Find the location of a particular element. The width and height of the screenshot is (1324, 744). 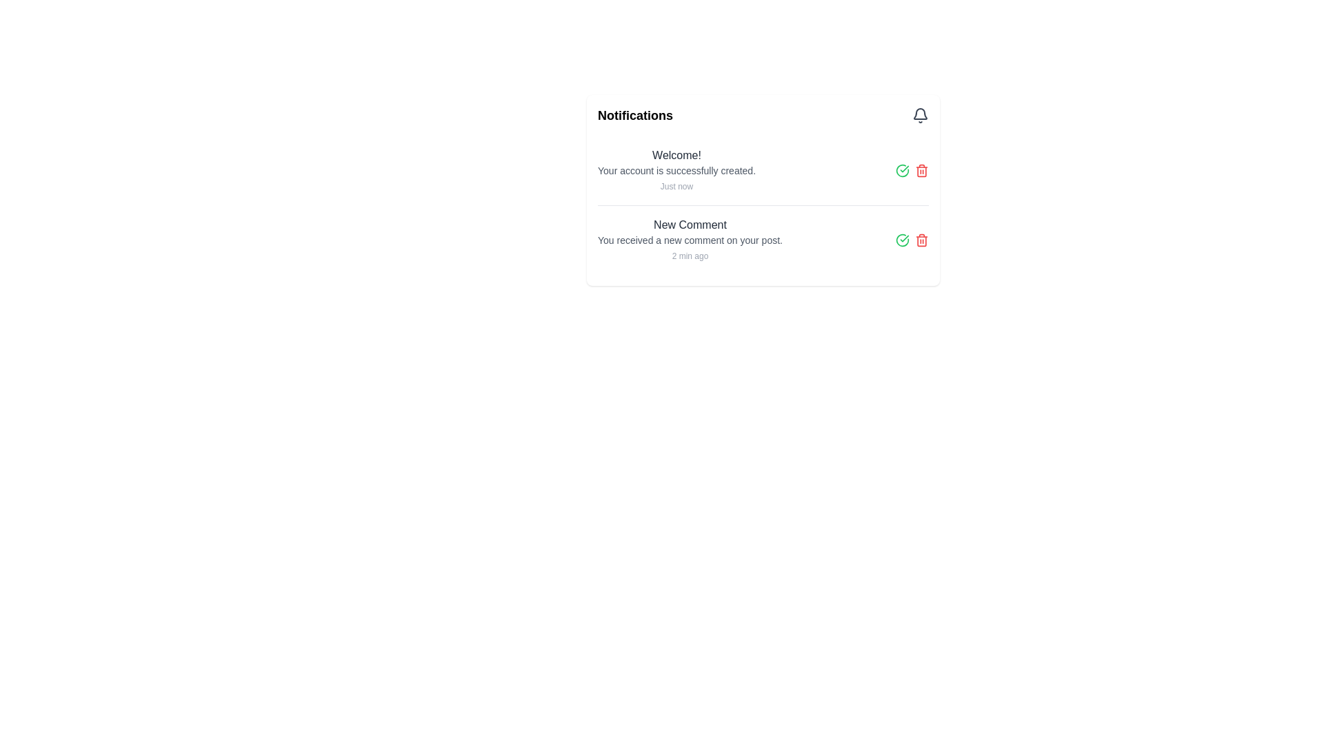

the 'Welcome!' text block in the Notifications area to read its content, which includes the message 'Your account is successfully created.' and the timestamp 'Just now' is located at coordinates (676, 169).